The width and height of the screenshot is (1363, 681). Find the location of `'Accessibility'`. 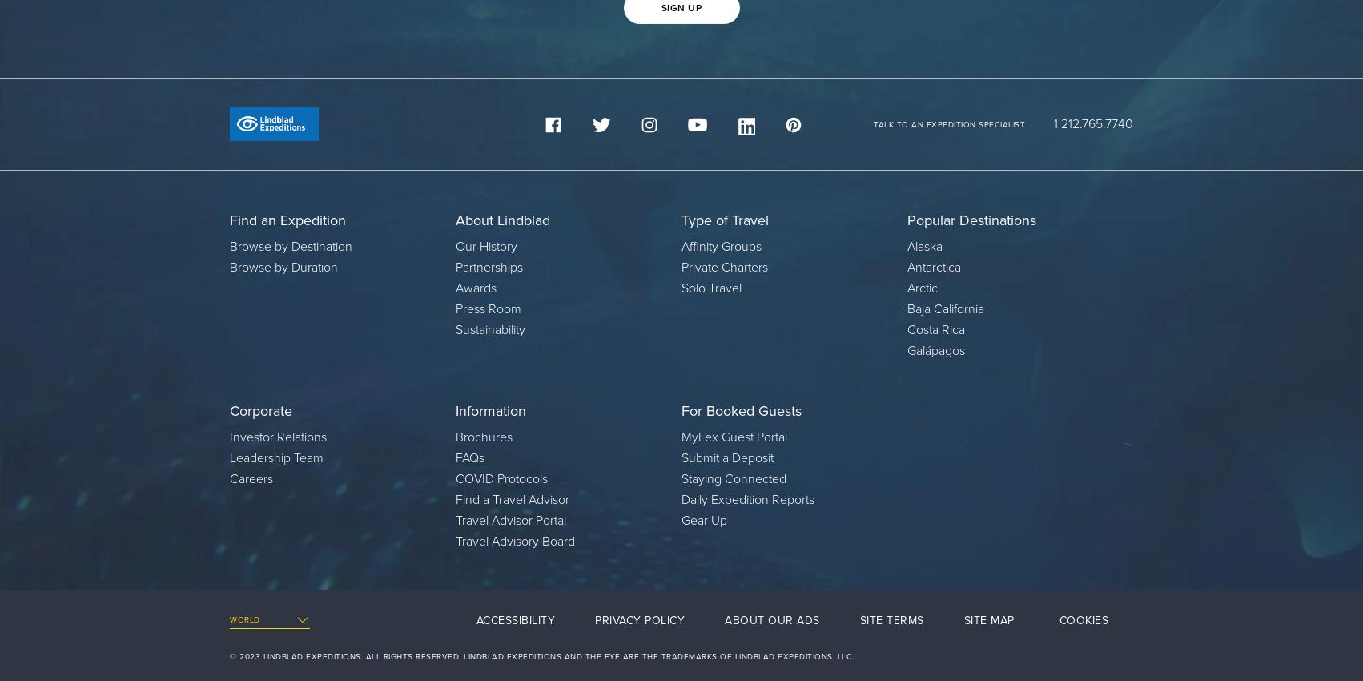

'Accessibility' is located at coordinates (475, 619).